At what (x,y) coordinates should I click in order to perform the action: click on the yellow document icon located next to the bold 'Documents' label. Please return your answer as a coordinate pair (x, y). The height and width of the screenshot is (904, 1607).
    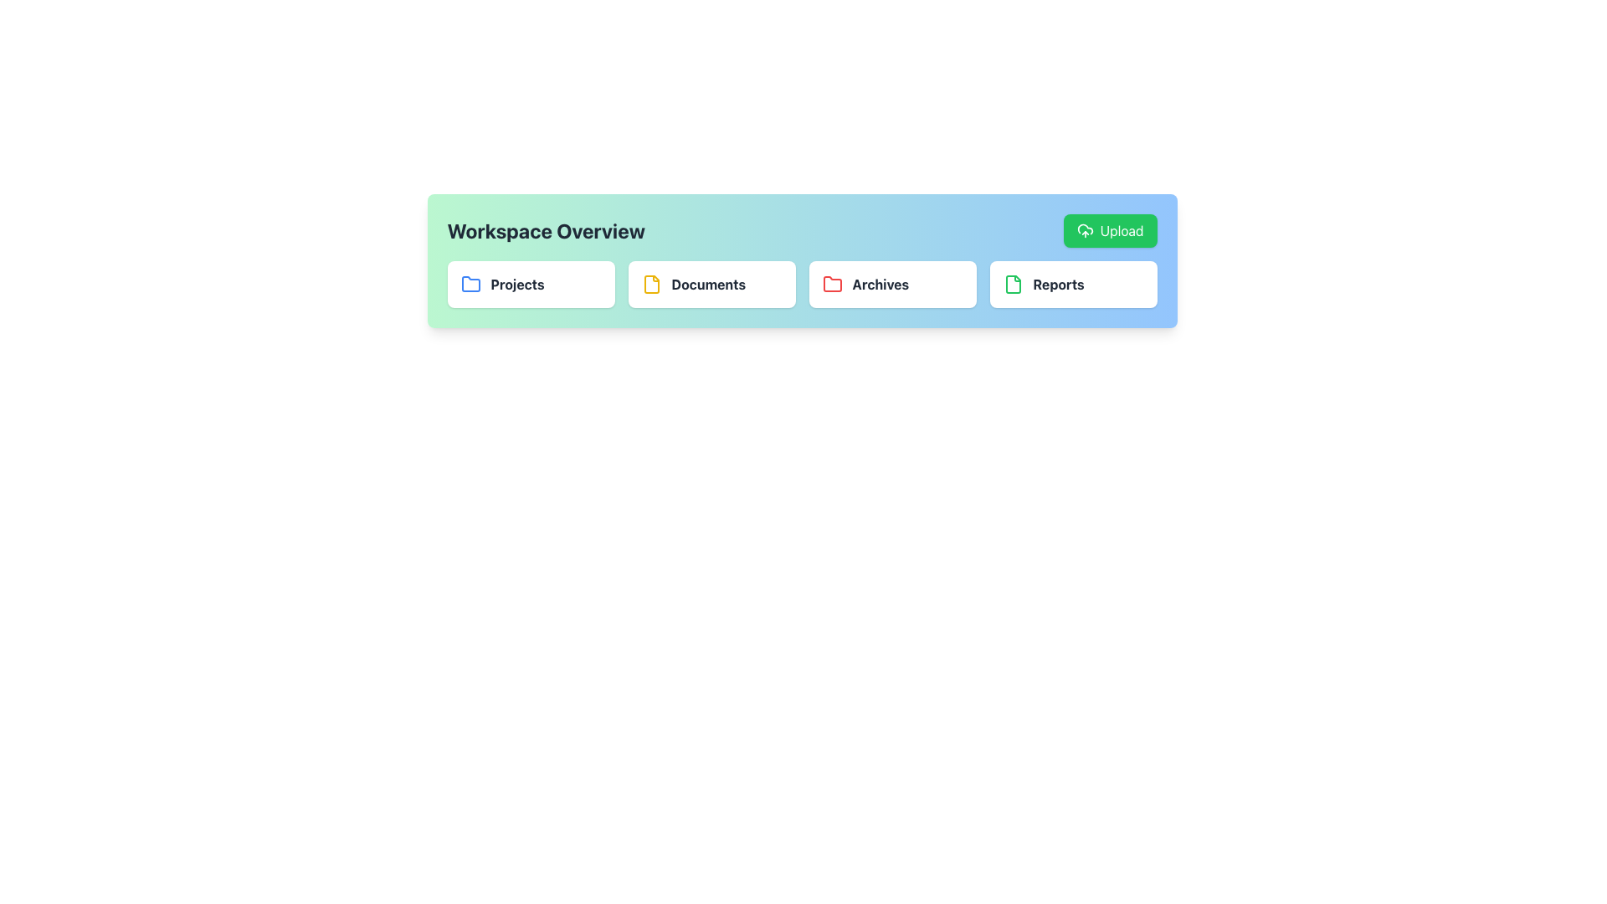
    Looking at the image, I should click on (650, 283).